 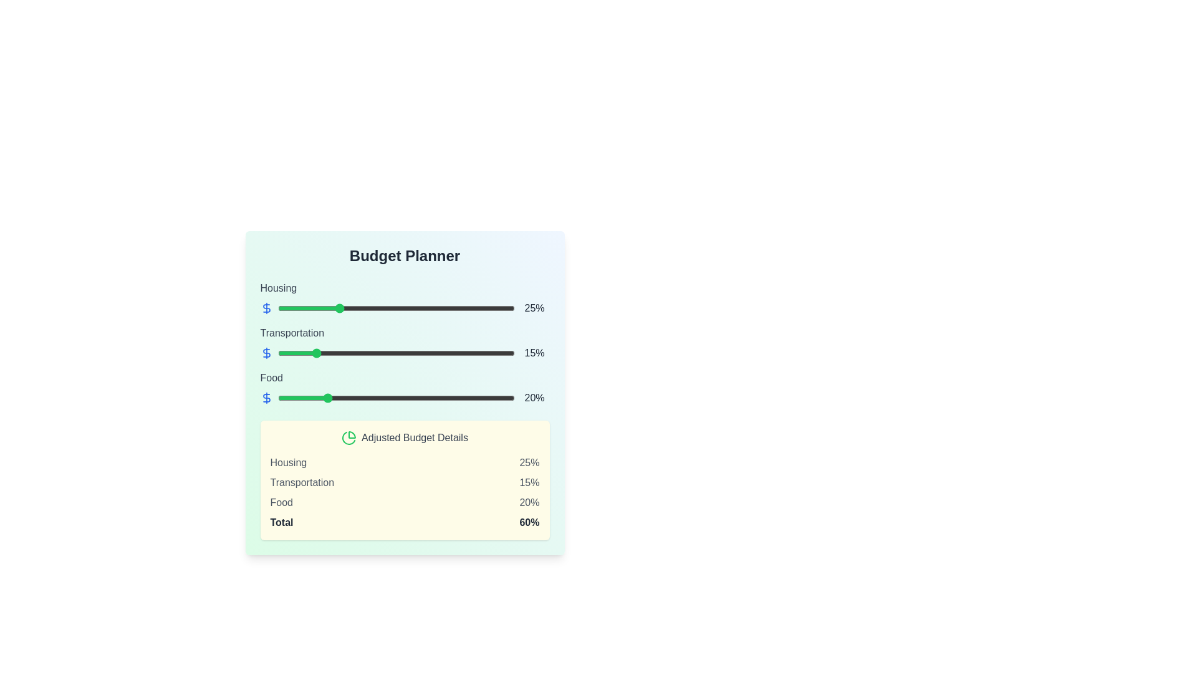 What do you see at coordinates (337, 308) in the screenshot?
I see `the housing budget slider` at bounding box center [337, 308].